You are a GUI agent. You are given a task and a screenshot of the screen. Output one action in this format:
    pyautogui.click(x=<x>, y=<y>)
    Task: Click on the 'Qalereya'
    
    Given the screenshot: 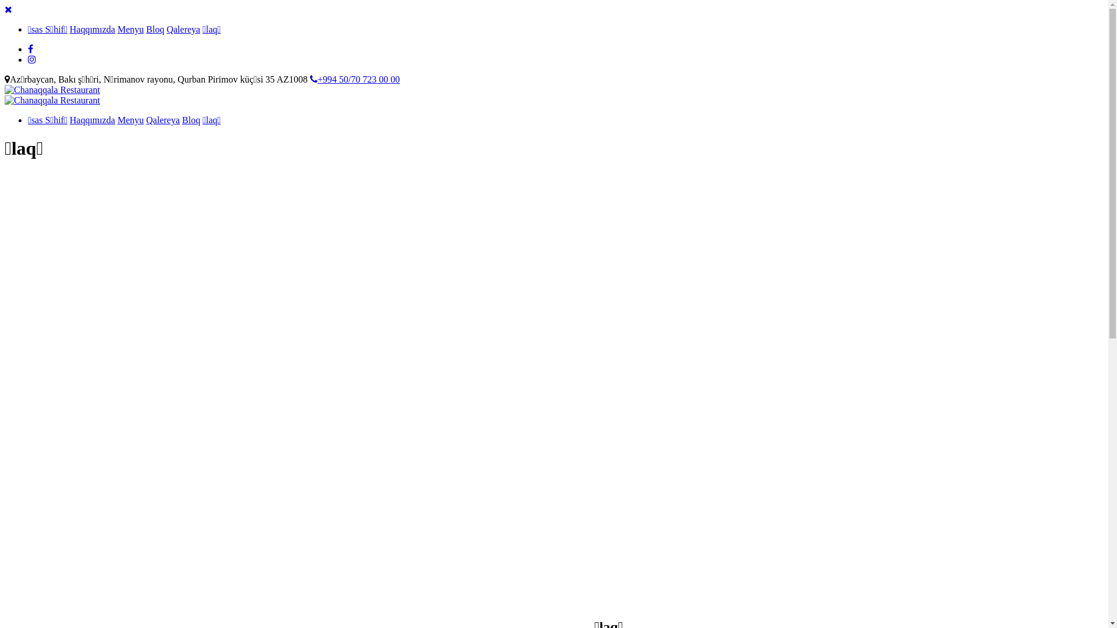 What is the action you would take?
    pyautogui.click(x=145, y=120)
    